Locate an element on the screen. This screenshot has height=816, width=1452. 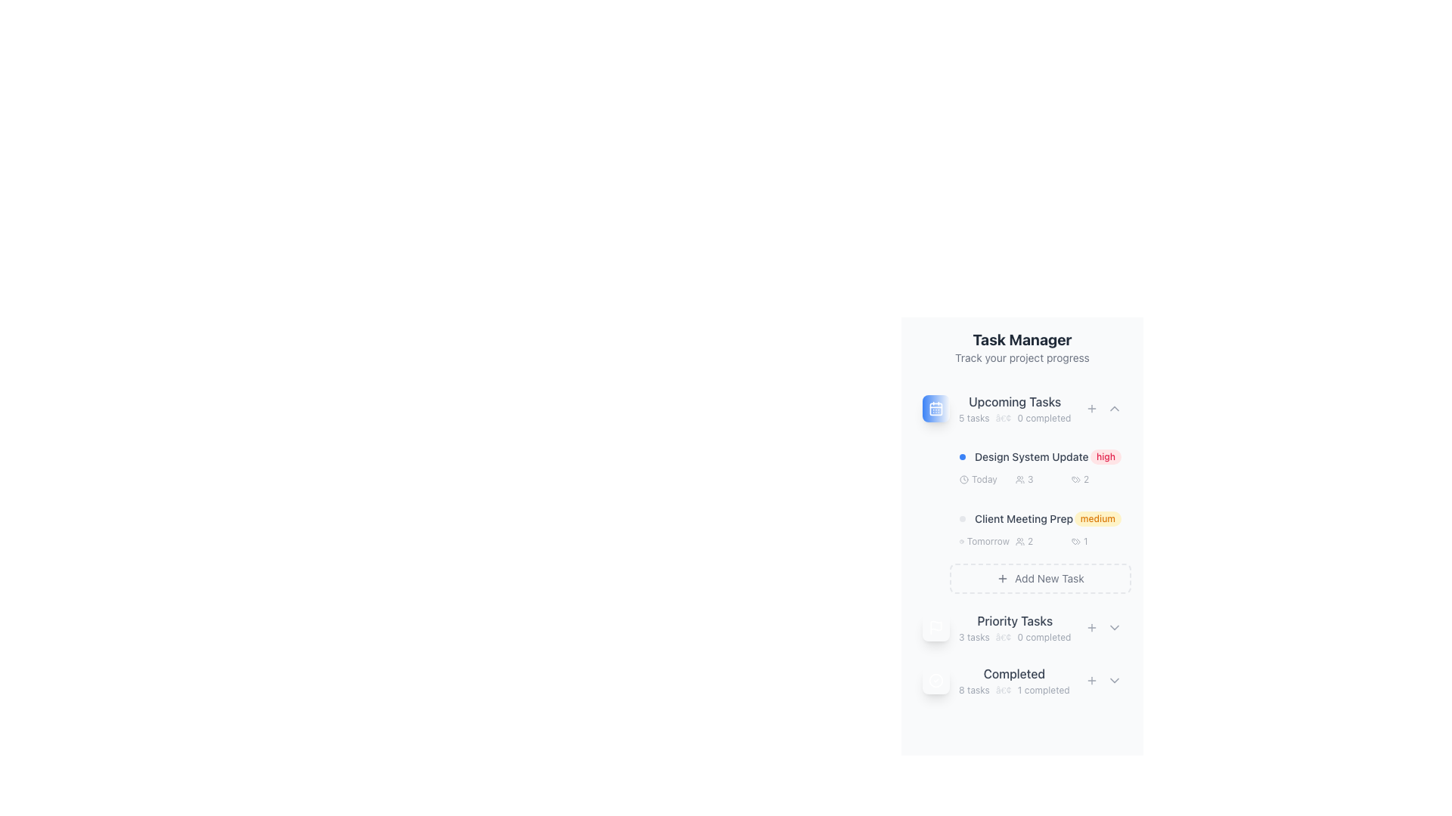
the downward-pointing chevron icon is located at coordinates (1114, 681).